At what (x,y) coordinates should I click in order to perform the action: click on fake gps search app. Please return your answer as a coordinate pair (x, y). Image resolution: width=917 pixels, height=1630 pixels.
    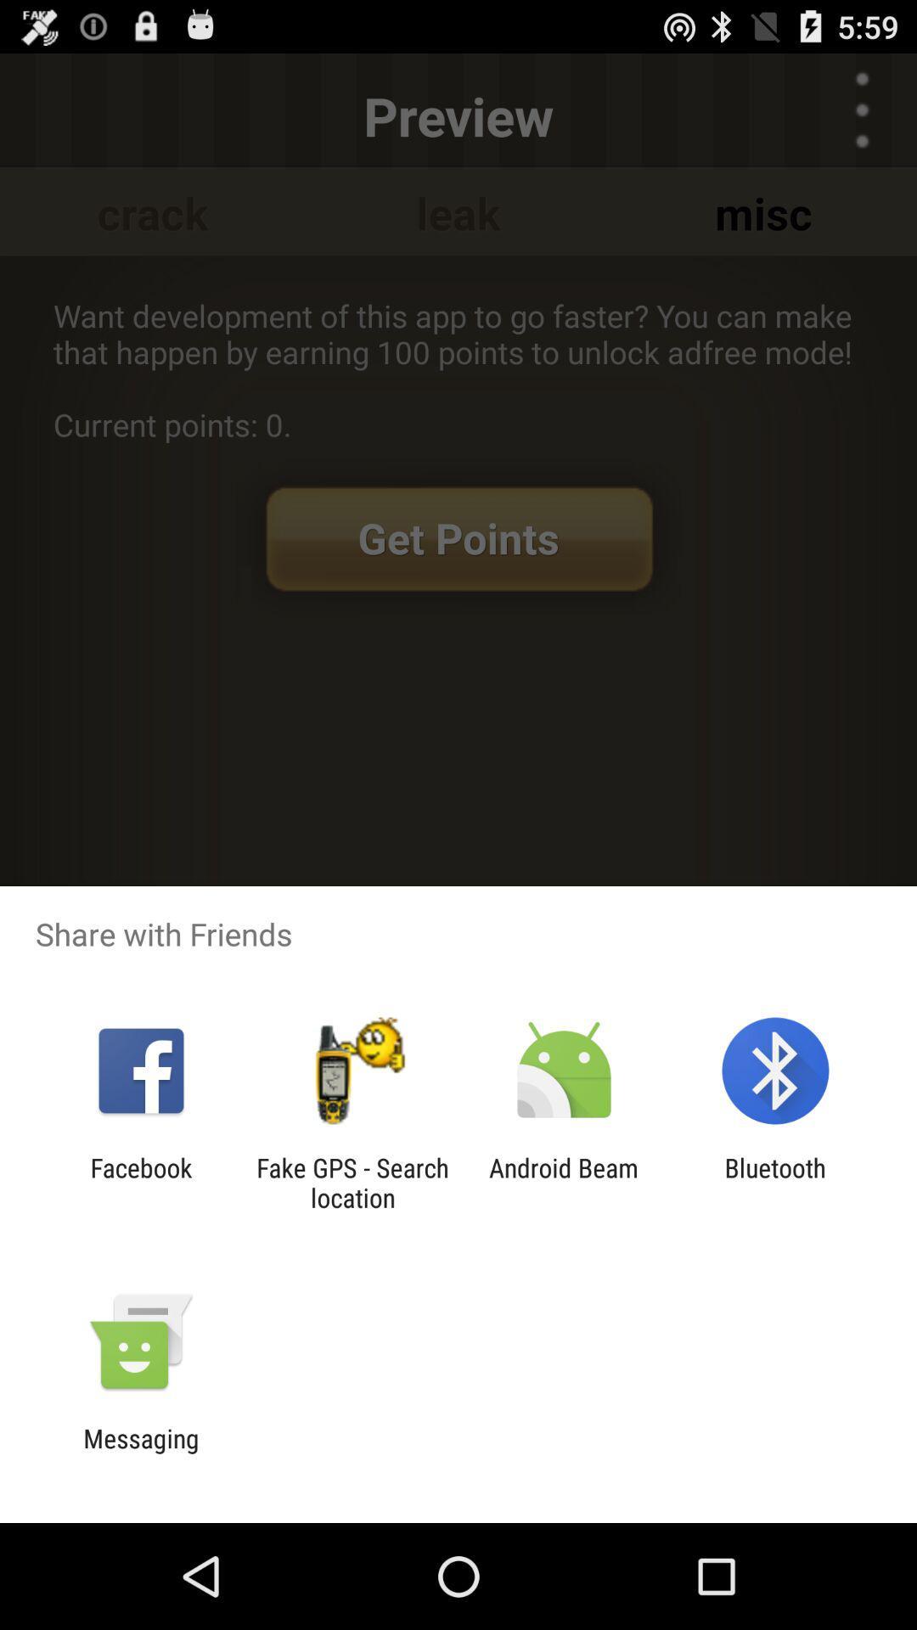
    Looking at the image, I should click on (352, 1182).